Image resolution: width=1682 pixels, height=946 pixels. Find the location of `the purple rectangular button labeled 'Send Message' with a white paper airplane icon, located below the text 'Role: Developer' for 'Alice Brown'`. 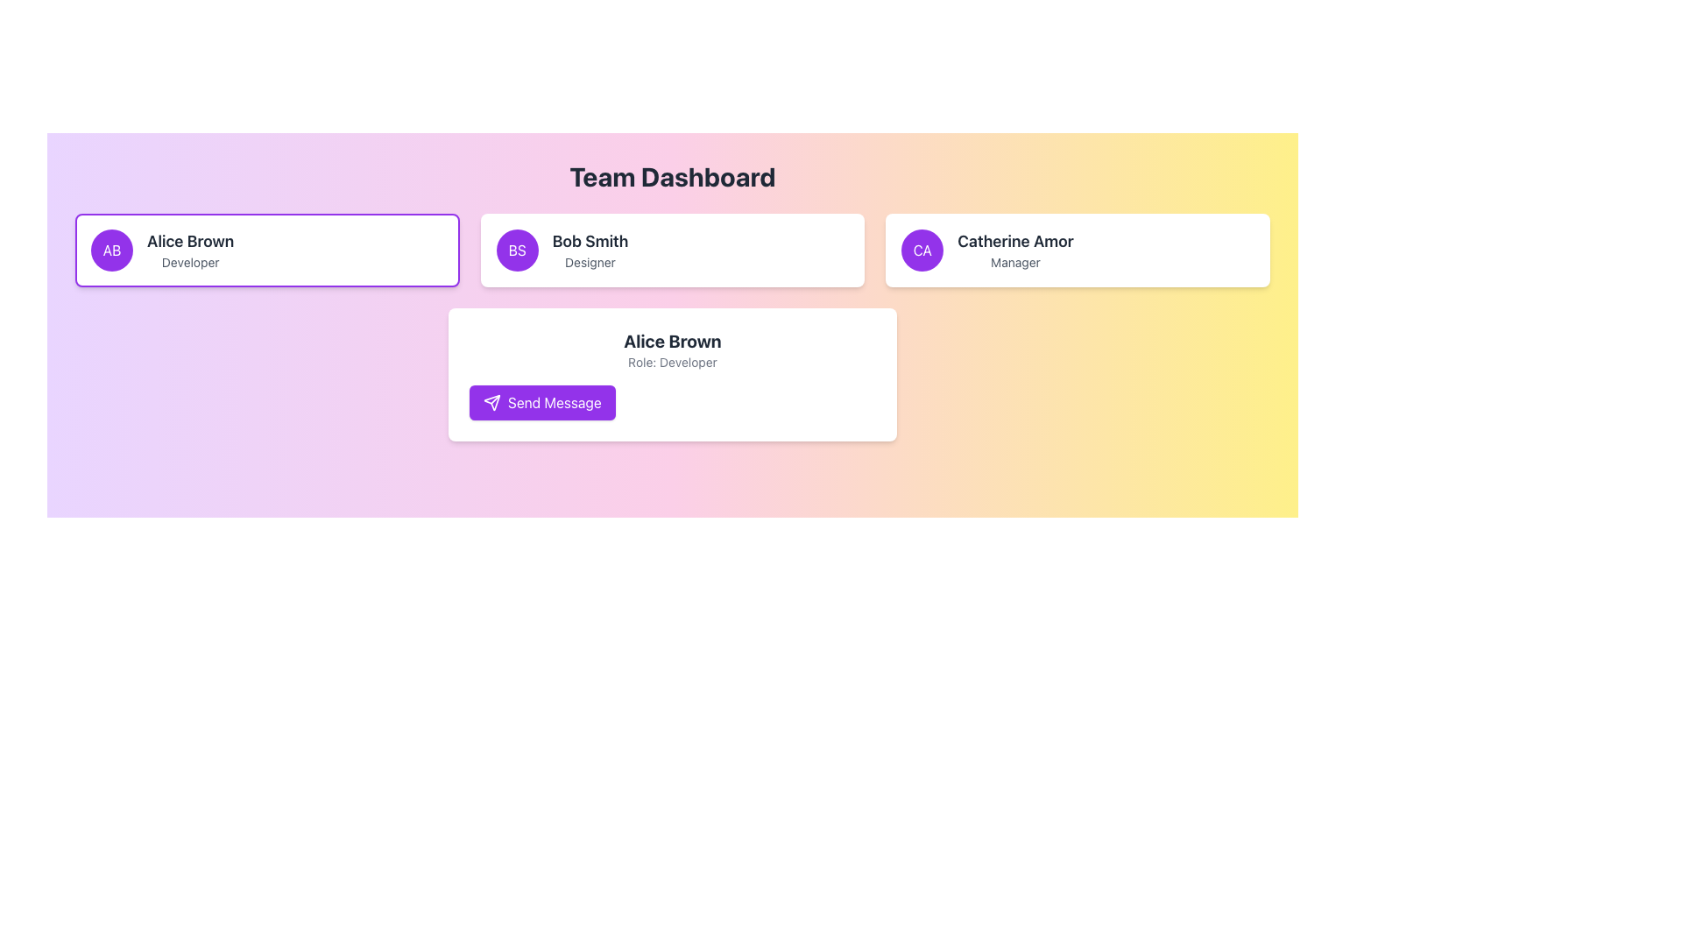

the purple rectangular button labeled 'Send Message' with a white paper airplane icon, located below the text 'Role: Developer' for 'Alice Brown' is located at coordinates (541, 402).